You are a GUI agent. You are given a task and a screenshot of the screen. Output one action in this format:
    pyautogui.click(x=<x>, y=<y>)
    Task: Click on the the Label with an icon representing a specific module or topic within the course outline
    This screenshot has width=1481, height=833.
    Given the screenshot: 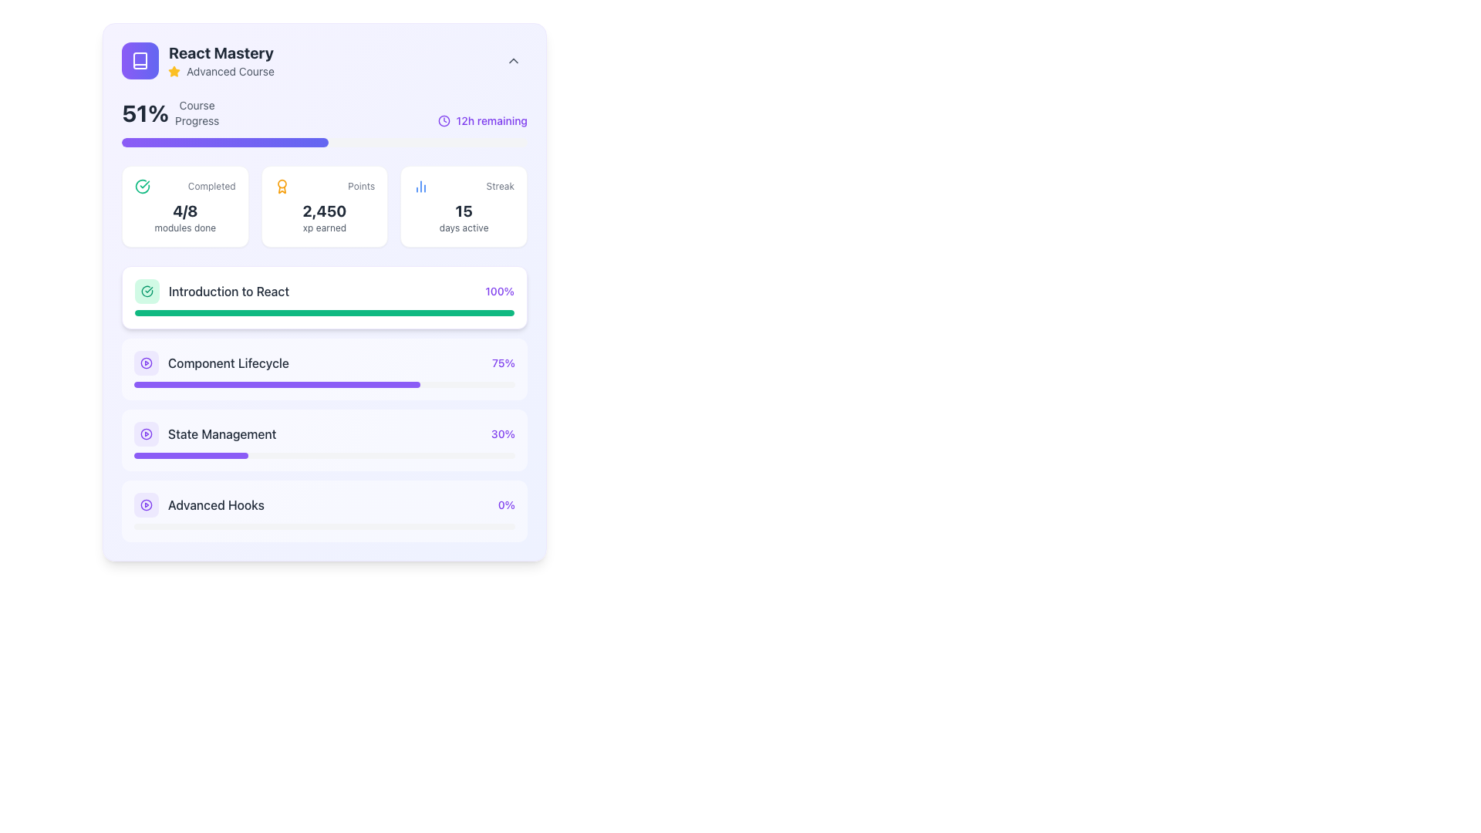 What is the action you would take?
    pyautogui.click(x=210, y=363)
    